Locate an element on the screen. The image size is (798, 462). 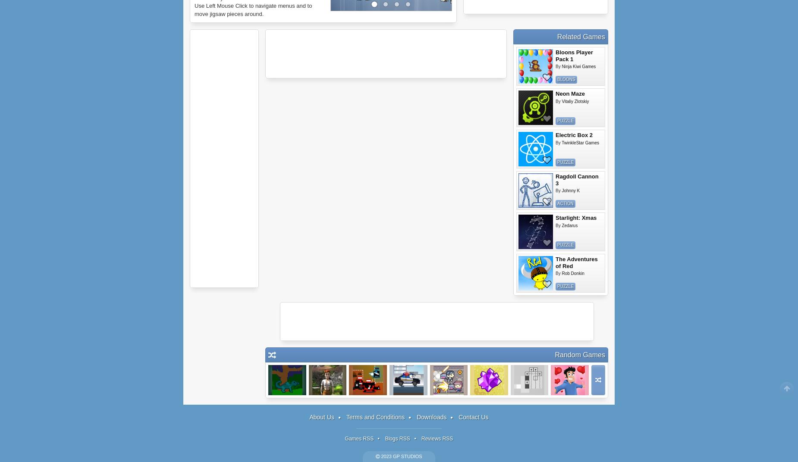
'Blogs RSS' is located at coordinates (397, 438).